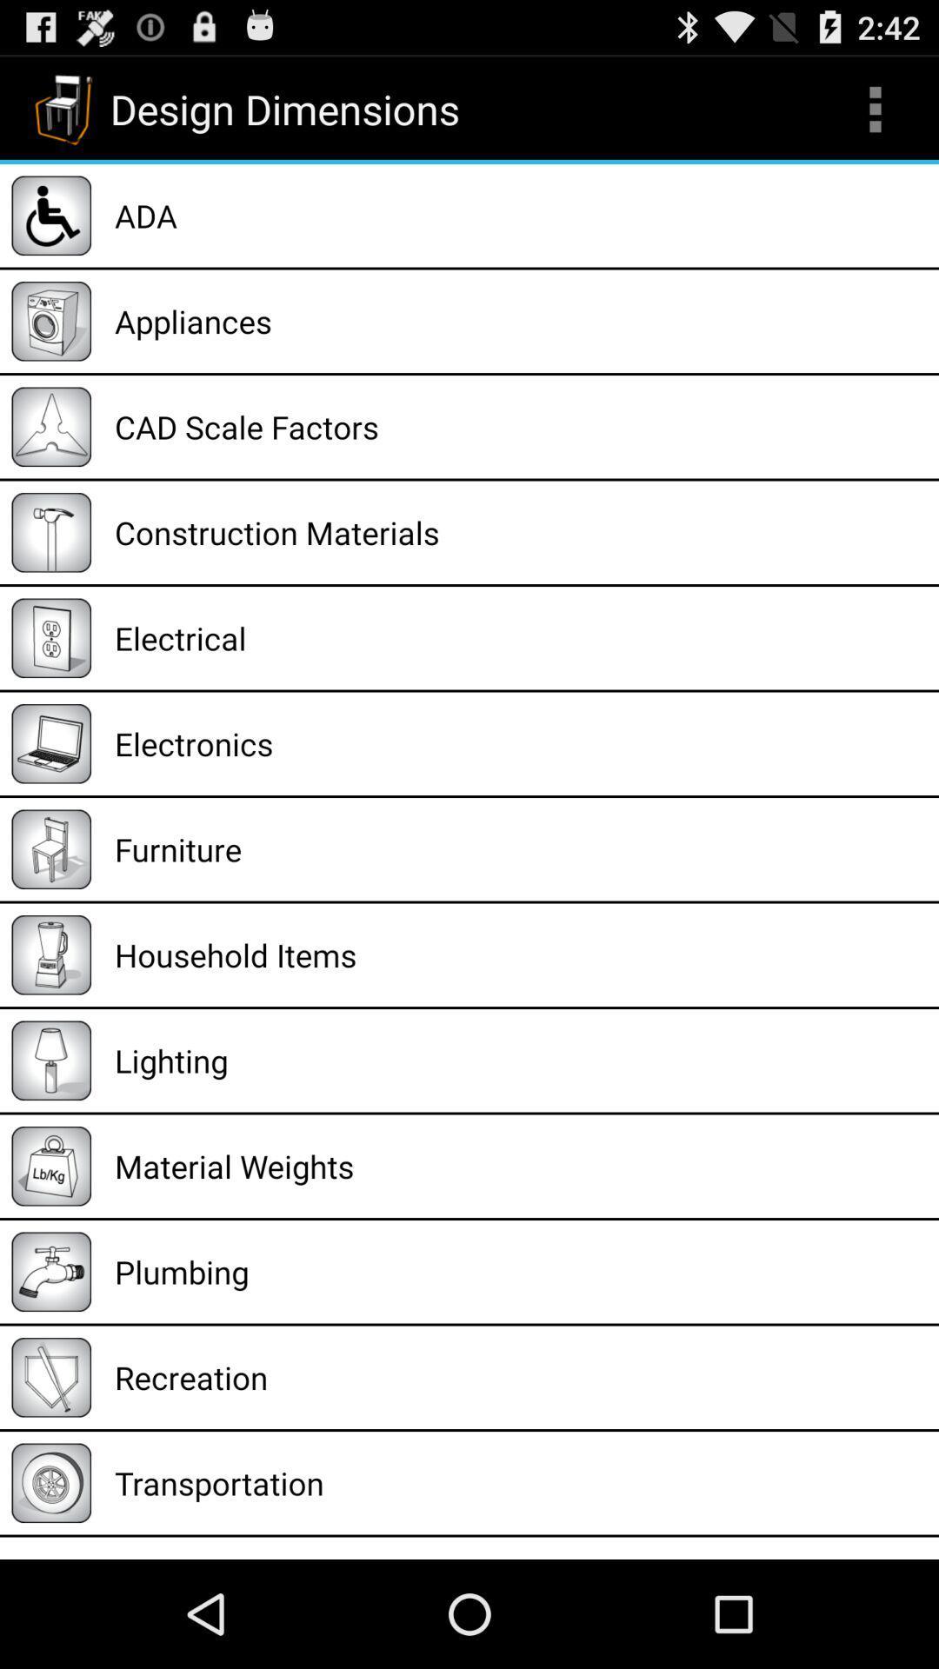 The width and height of the screenshot is (939, 1669). I want to click on lighting app, so click(520, 1060).